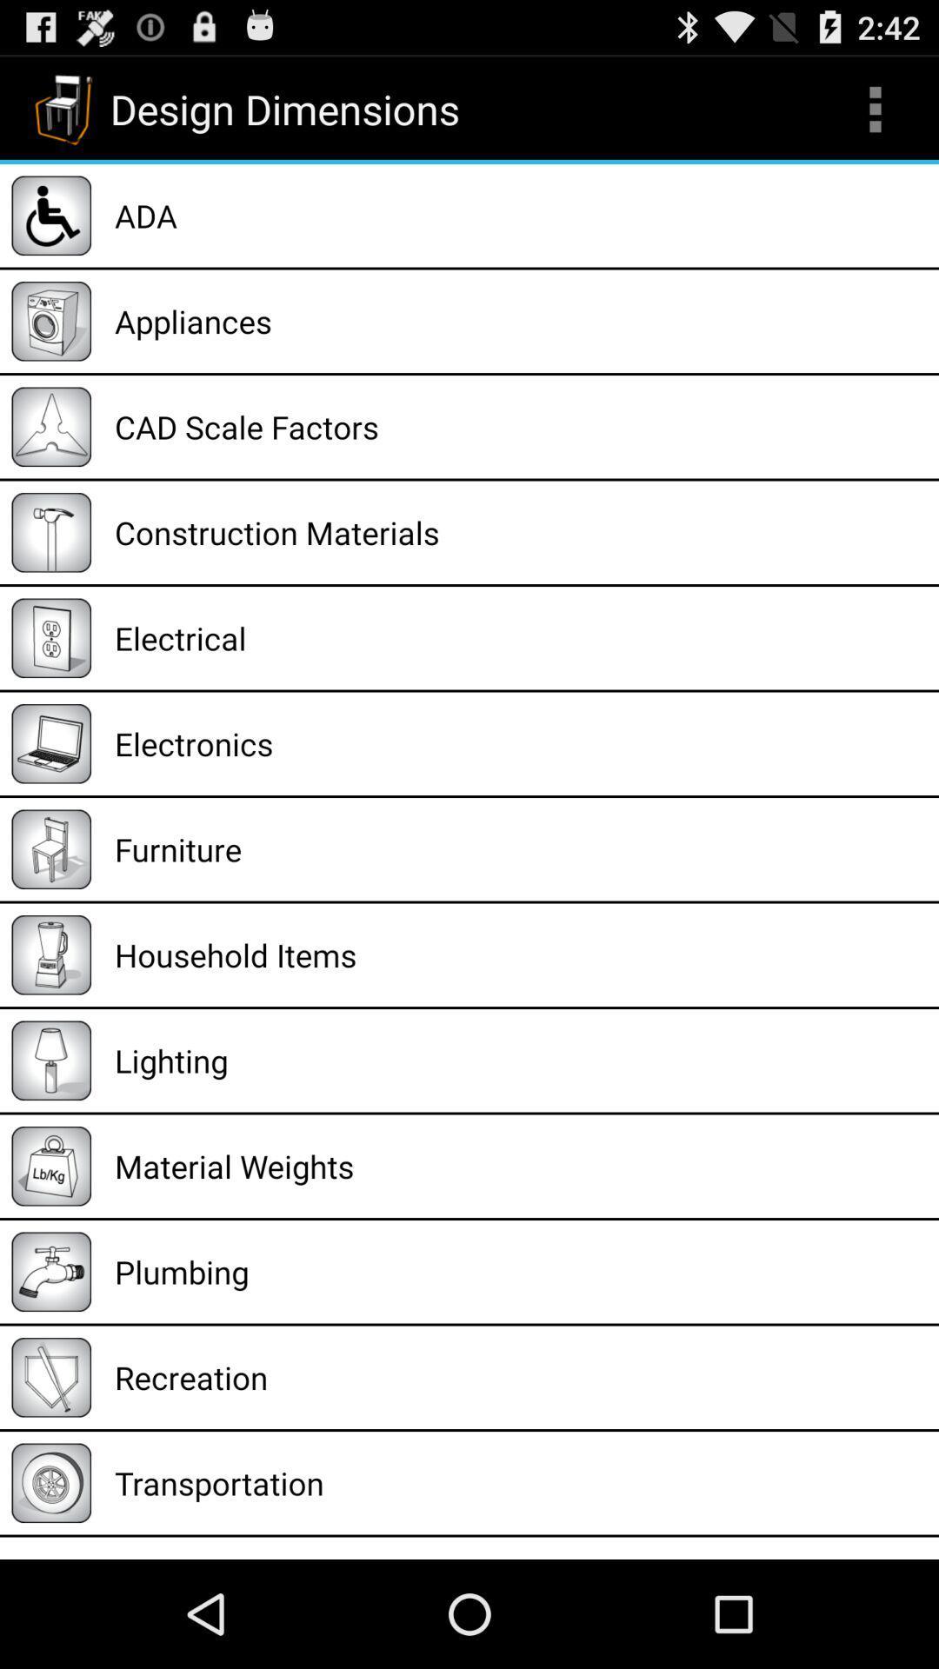 The width and height of the screenshot is (939, 1669). I want to click on lighting app, so click(520, 1060).